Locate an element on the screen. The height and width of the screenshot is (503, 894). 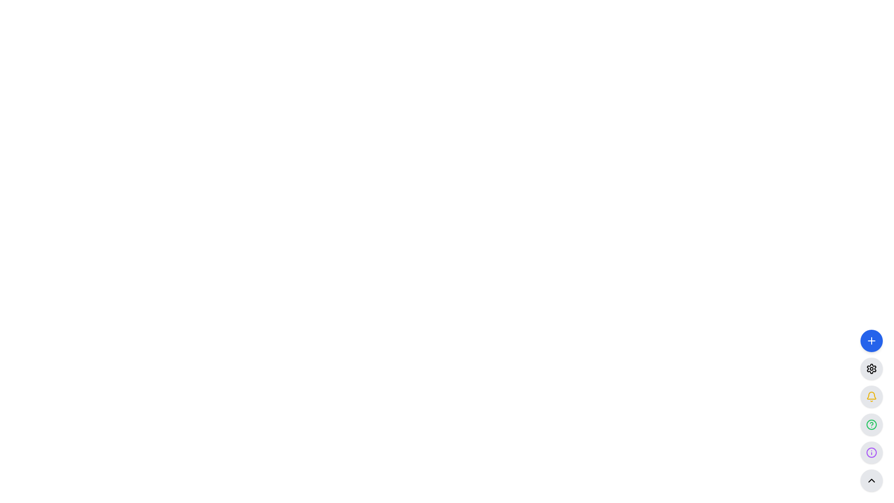
the yellow bell icon located inside a circular button in the third slot of the vertical menu on the right side is located at coordinates (871, 397).